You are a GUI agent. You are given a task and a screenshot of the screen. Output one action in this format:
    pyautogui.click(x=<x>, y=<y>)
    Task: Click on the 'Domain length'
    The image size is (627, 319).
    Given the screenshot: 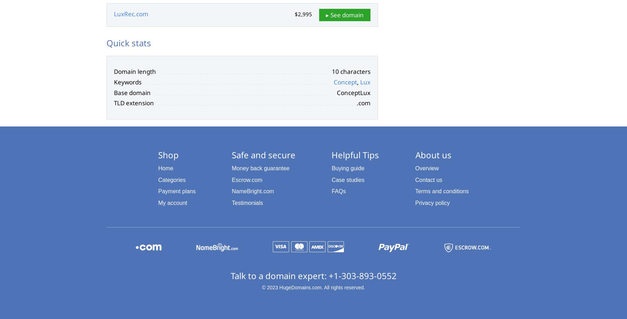 What is the action you would take?
    pyautogui.click(x=113, y=71)
    